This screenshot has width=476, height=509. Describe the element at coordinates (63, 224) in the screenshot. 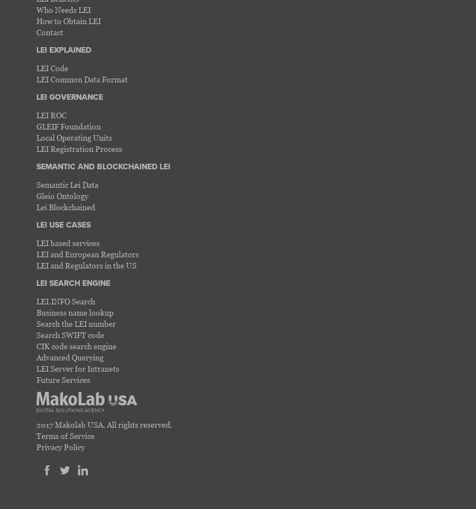

I see `'LEI USE CASES'` at that location.